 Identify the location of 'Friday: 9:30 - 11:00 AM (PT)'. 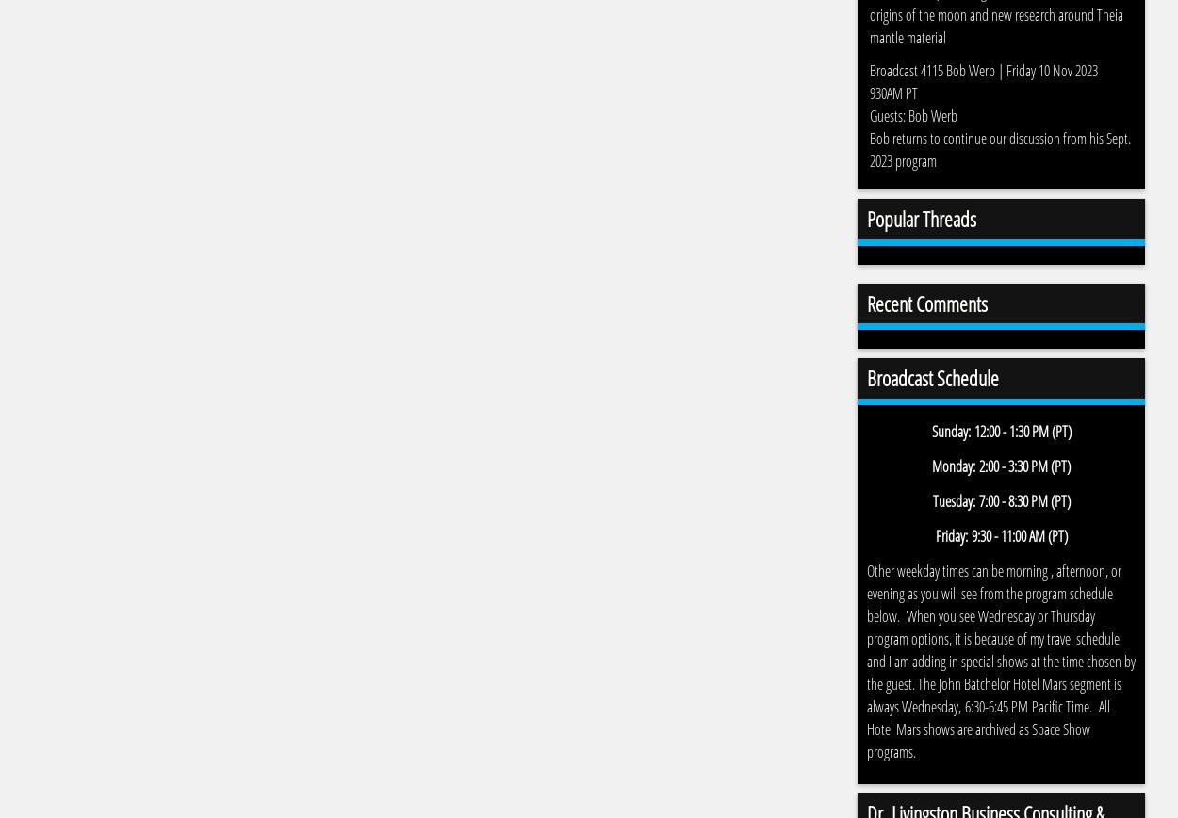
(1001, 535).